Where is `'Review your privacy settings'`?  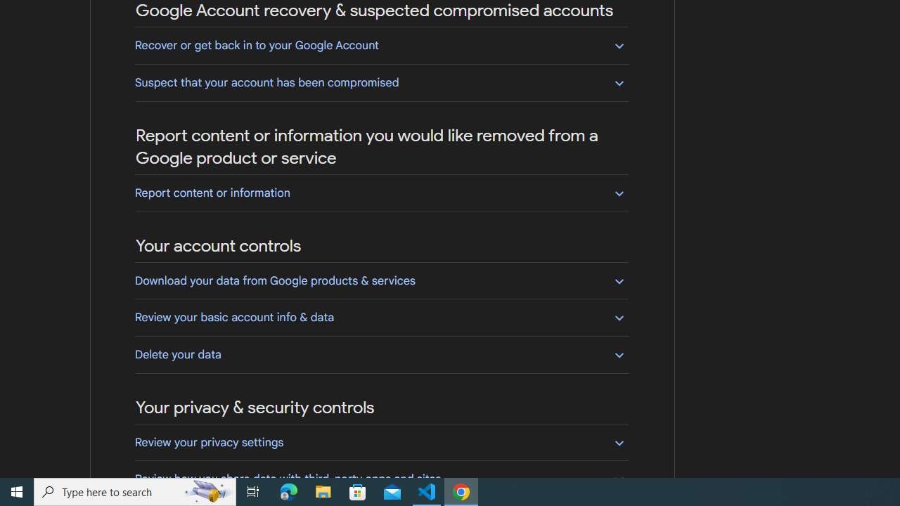
'Review your privacy settings' is located at coordinates (381, 441).